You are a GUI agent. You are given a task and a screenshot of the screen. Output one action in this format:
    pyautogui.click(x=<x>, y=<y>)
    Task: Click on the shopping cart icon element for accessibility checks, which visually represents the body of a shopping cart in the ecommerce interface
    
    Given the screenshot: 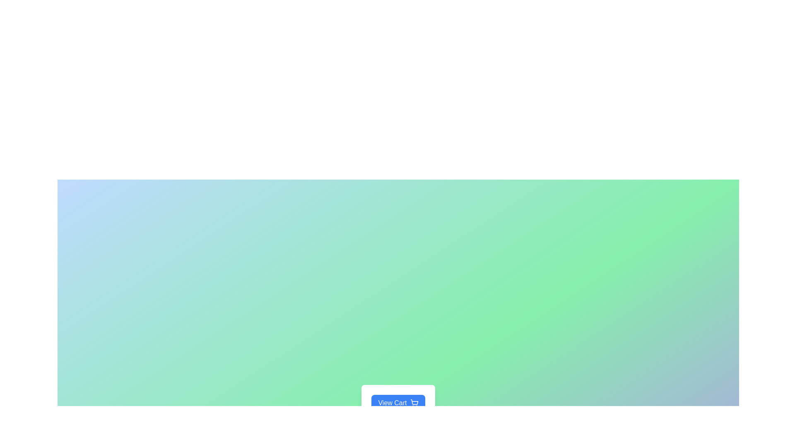 What is the action you would take?
    pyautogui.click(x=414, y=401)
    